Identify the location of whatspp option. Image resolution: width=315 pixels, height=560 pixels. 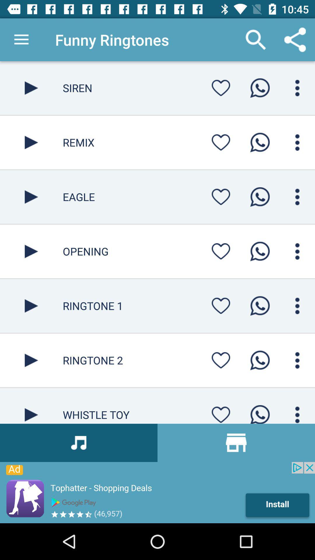
(260, 412).